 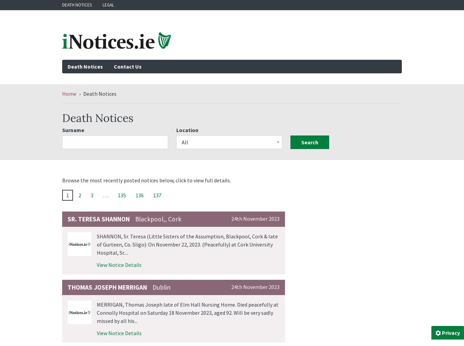 What do you see at coordinates (450, 332) in the screenshot?
I see `'Privacy'` at bounding box center [450, 332].